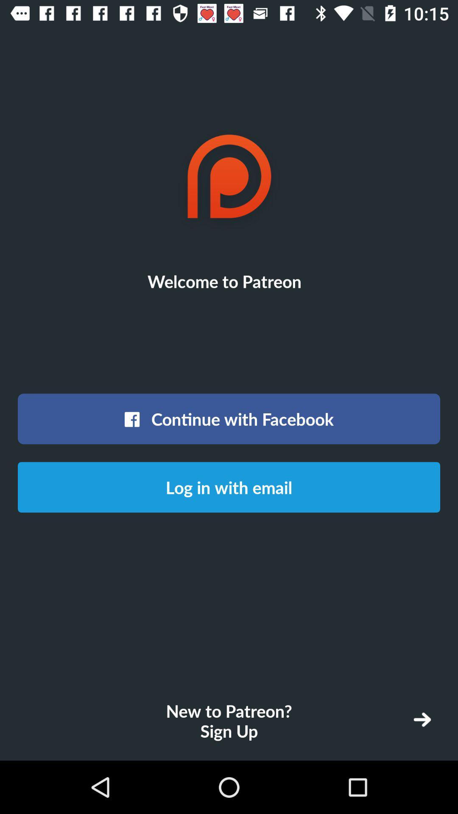  What do you see at coordinates (229, 487) in the screenshot?
I see `log in with` at bounding box center [229, 487].